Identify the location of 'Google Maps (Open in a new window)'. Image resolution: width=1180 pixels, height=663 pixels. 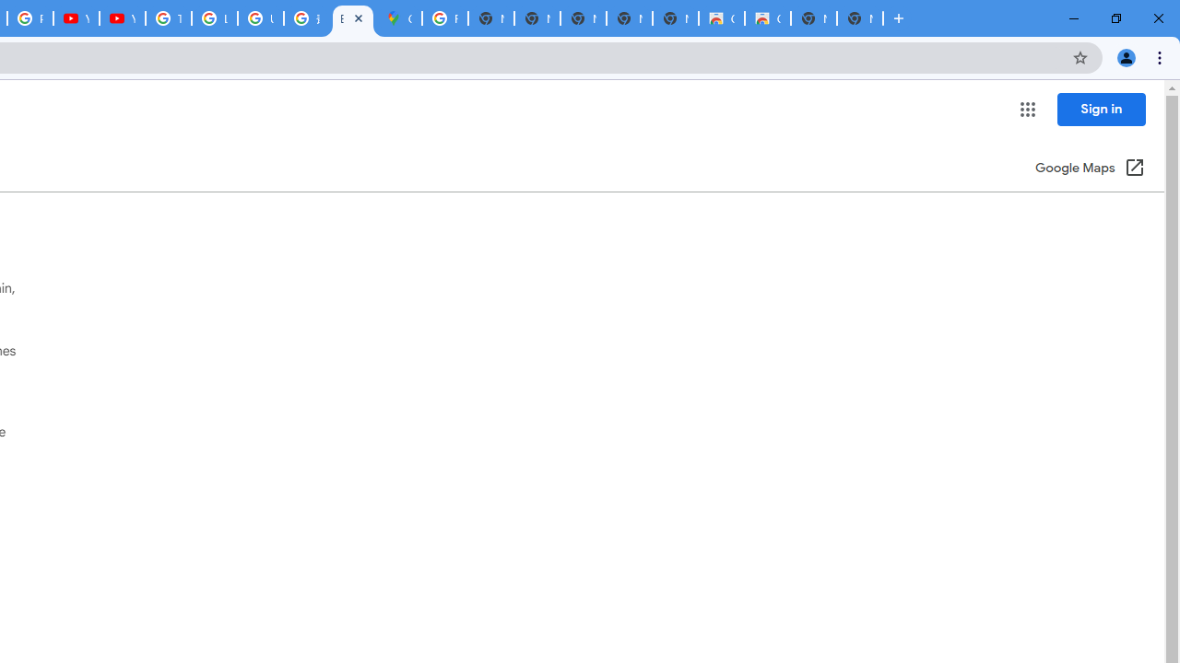
(1090, 169).